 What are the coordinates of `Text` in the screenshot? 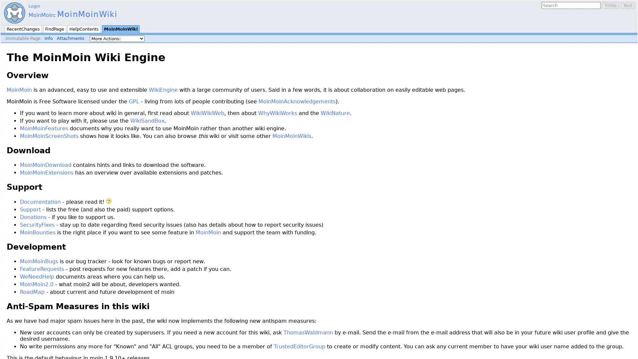 It's located at (627, 5).